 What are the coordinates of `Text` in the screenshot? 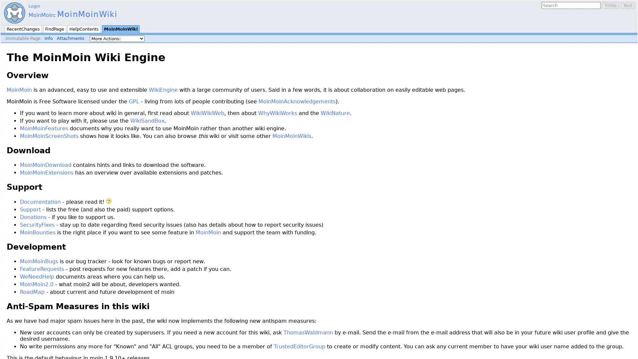 It's located at (627, 5).